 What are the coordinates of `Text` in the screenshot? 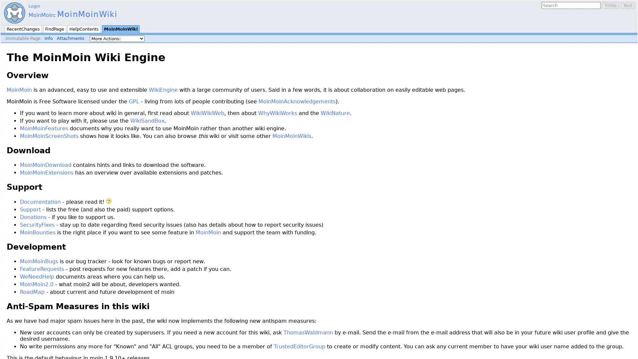 It's located at (627, 5).